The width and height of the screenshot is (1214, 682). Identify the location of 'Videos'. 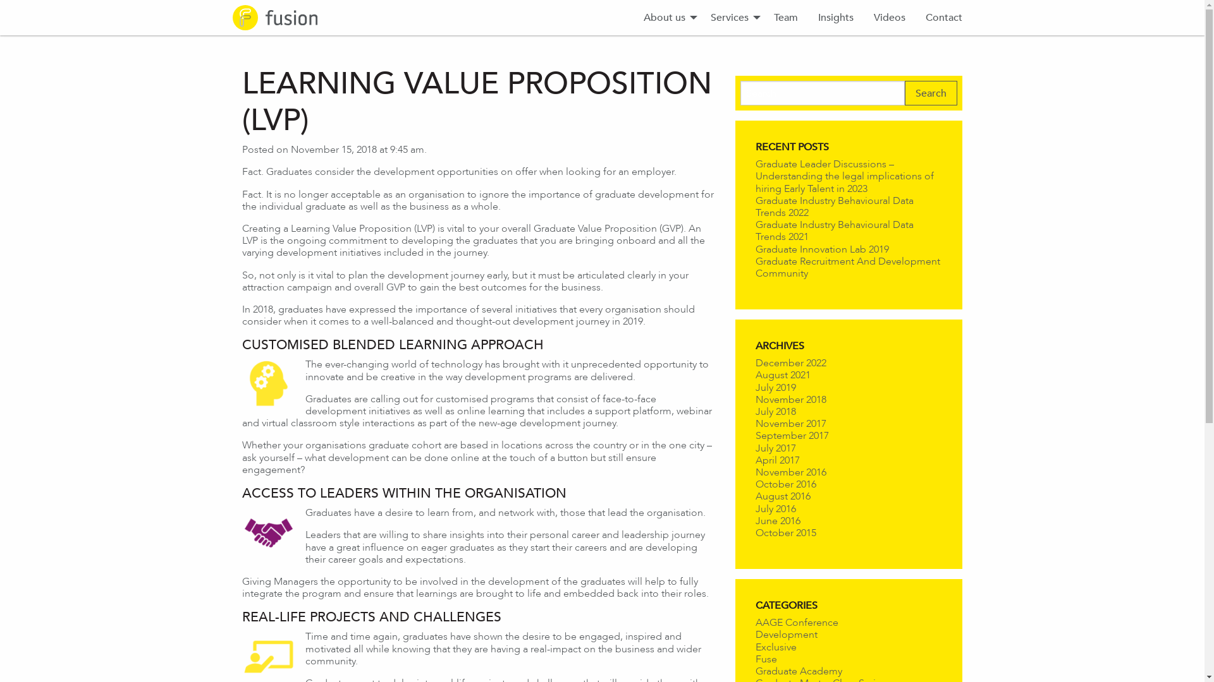
(888, 17).